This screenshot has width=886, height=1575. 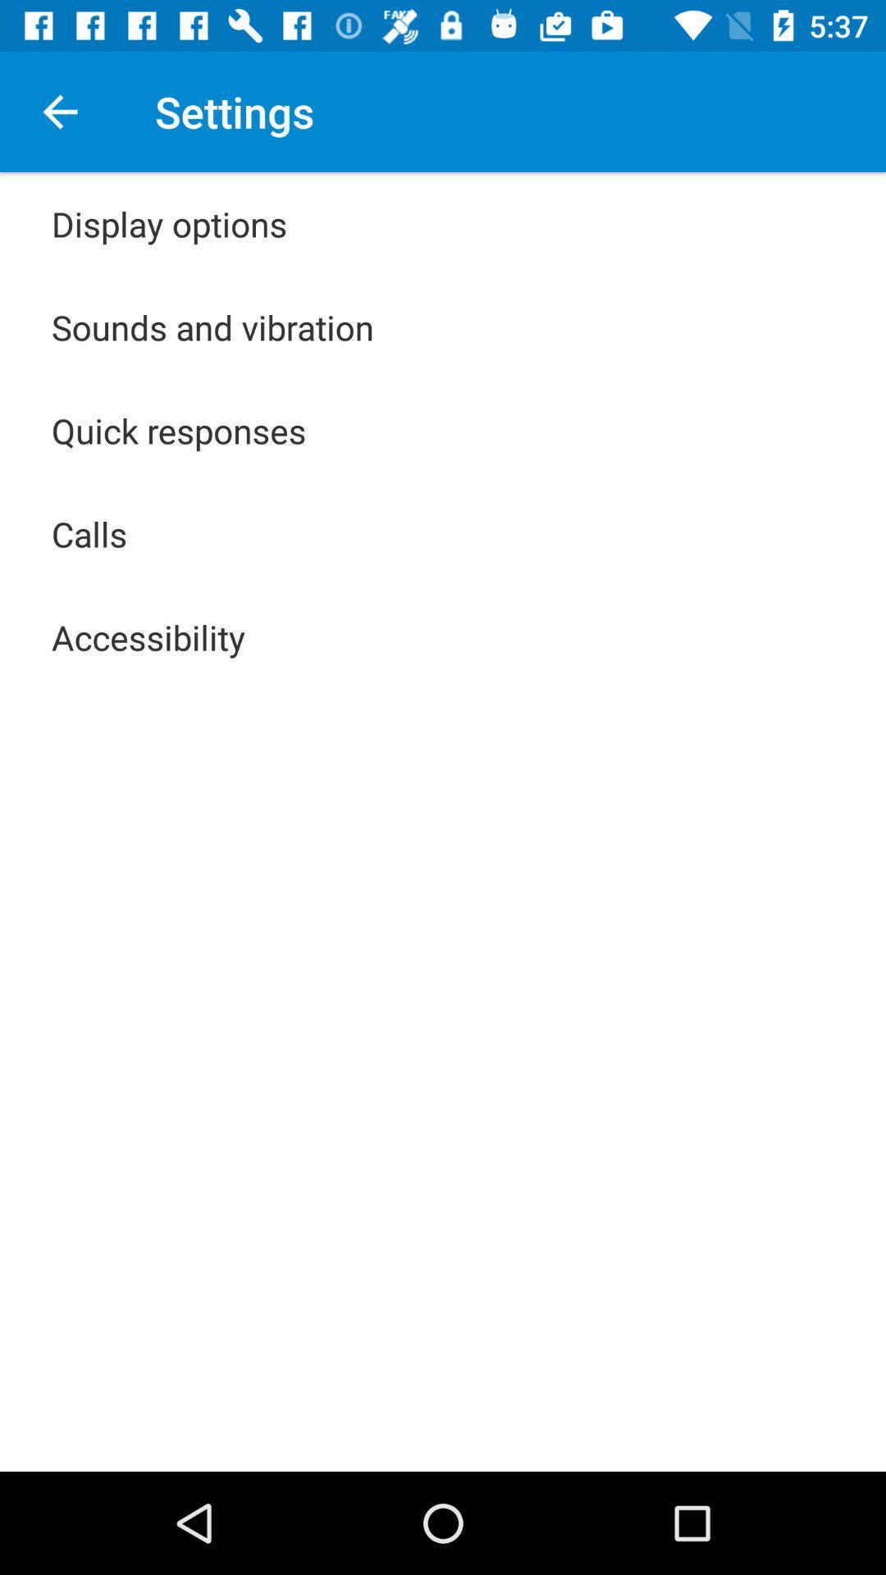 I want to click on the app to the left of settings icon, so click(x=59, y=111).